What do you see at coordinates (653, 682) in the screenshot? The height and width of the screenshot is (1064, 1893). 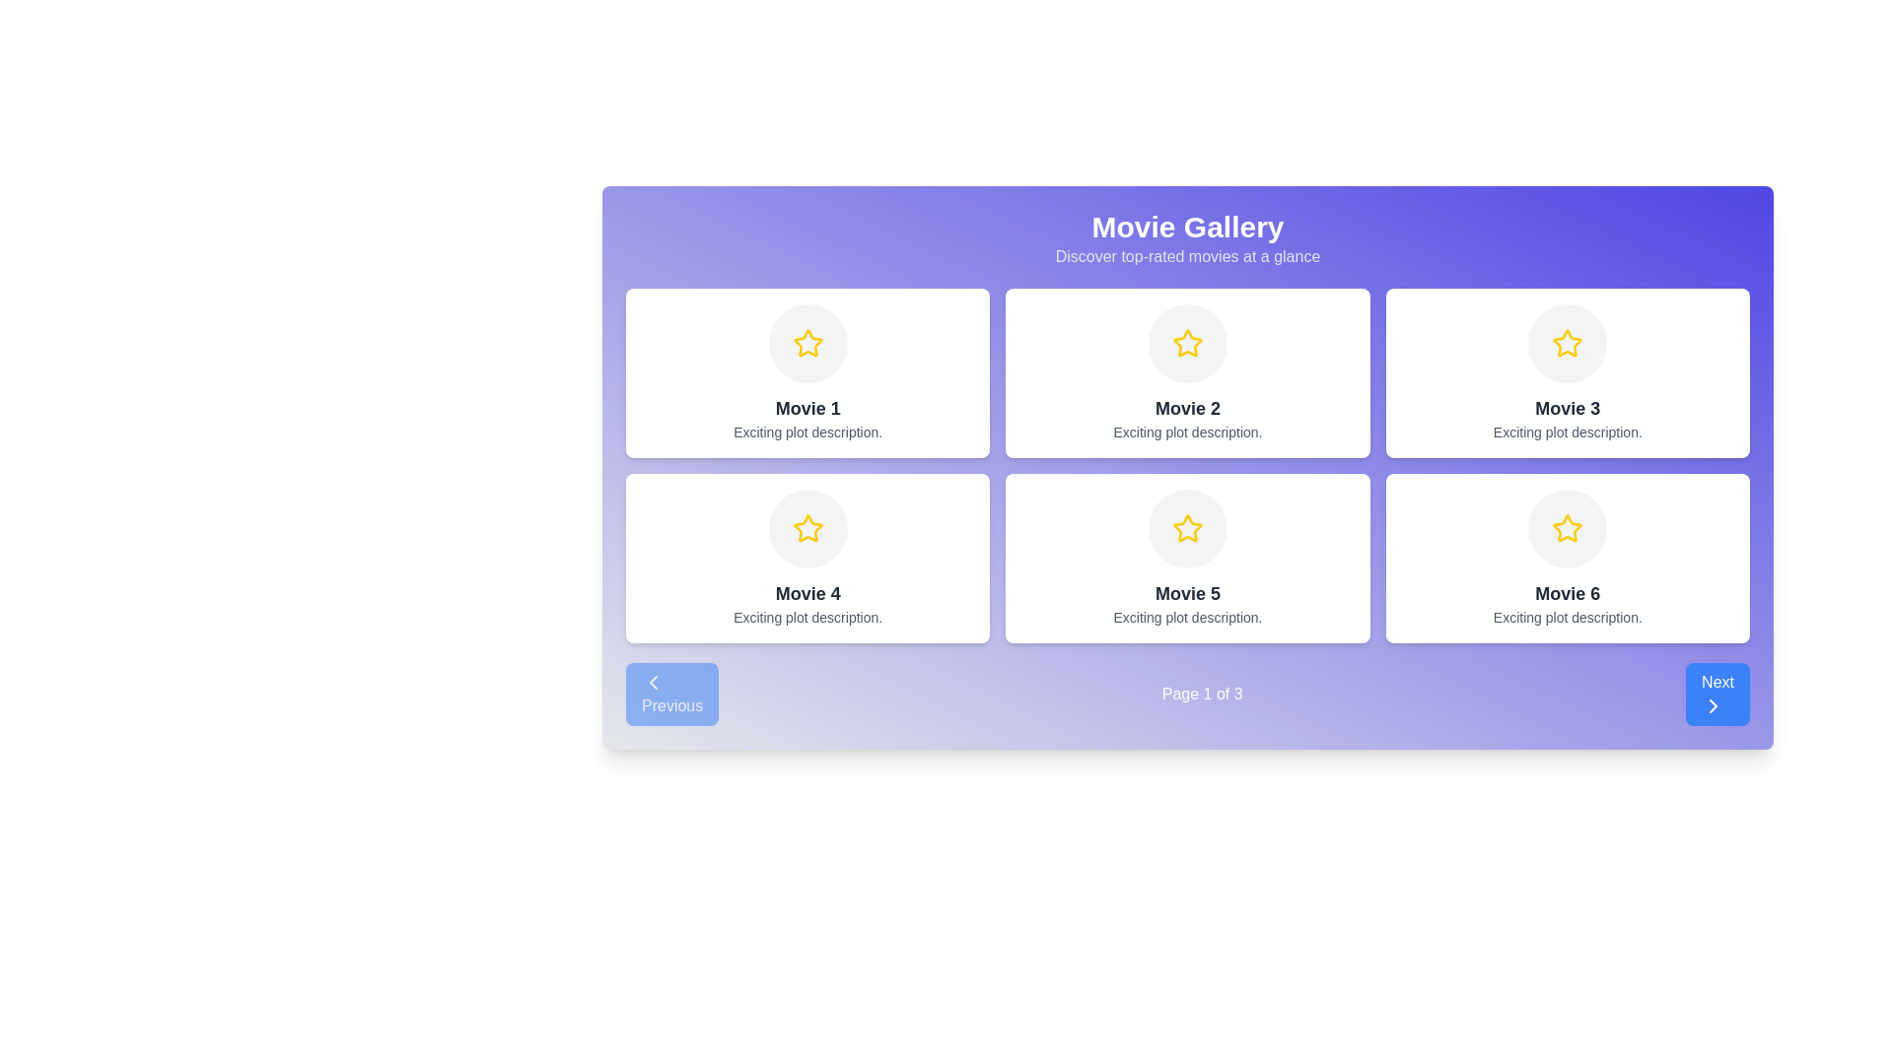 I see `the left-pointing chevron icon embedded` at bounding box center [653, 682].